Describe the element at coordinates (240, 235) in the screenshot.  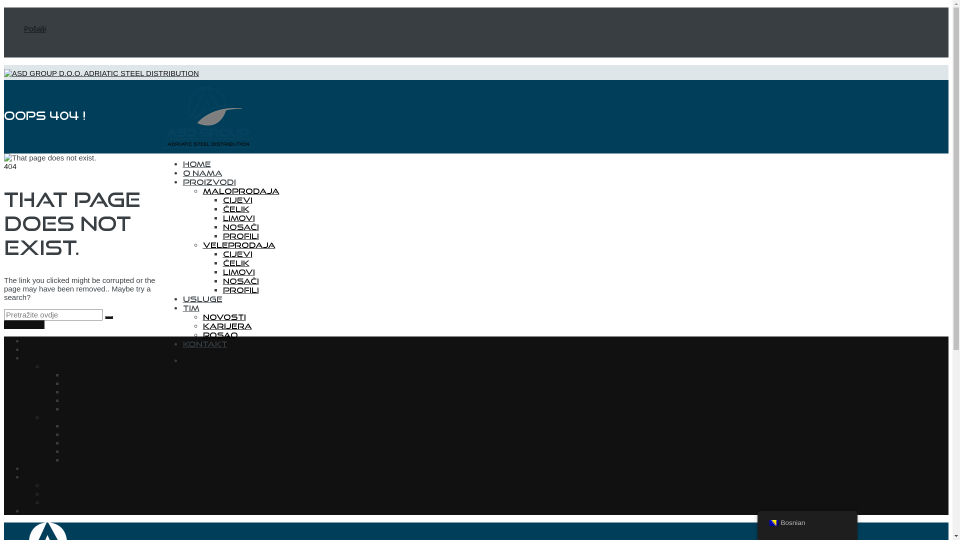
I see `'Profili'` at that location.